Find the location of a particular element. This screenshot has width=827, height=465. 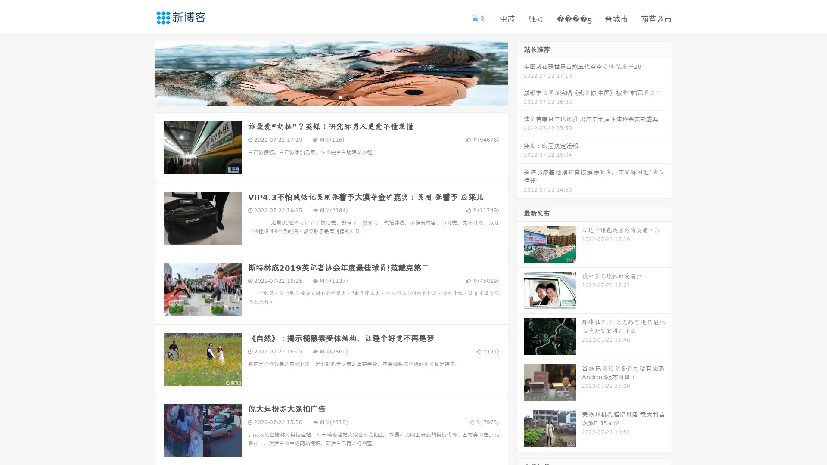

Go to slide 2 is located at coordinates (331, 97).